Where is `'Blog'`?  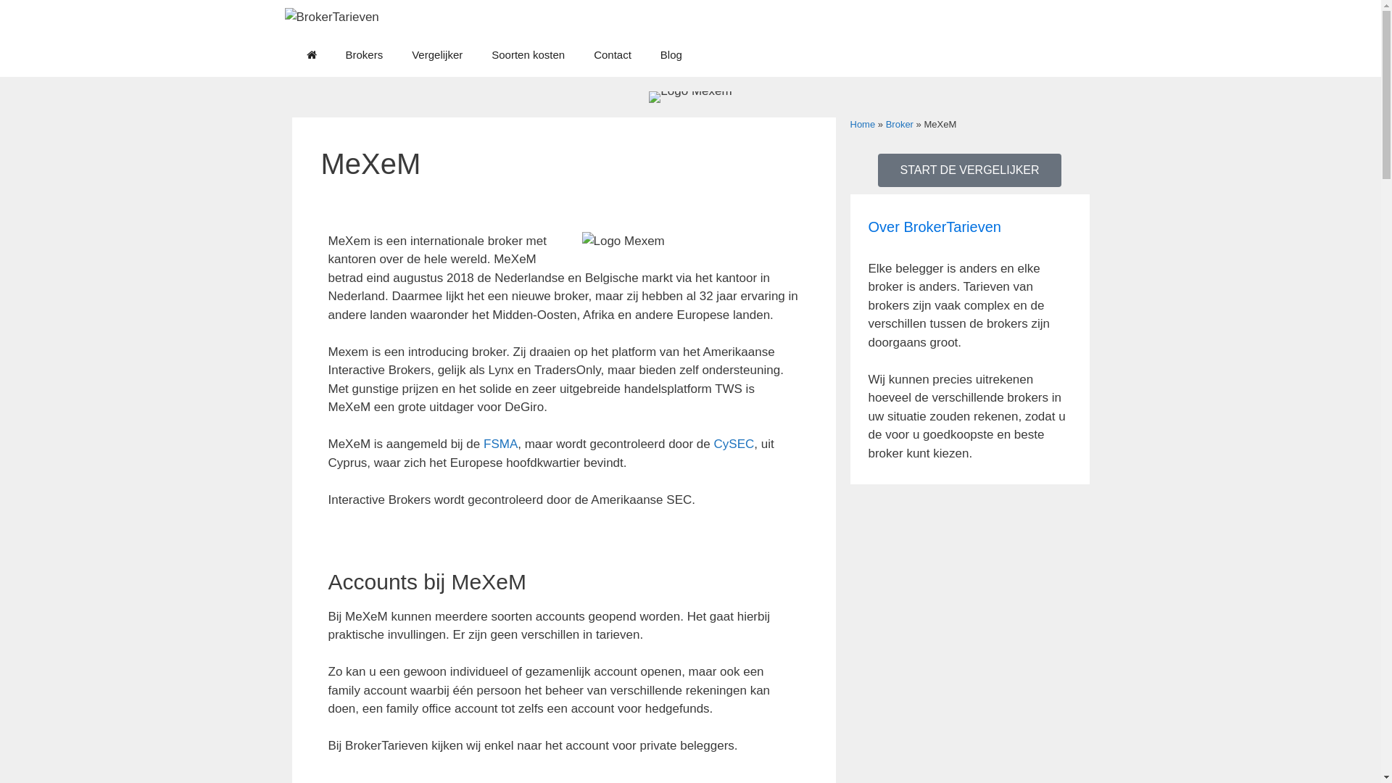
'Blog' is located at coordinates (671, 54).